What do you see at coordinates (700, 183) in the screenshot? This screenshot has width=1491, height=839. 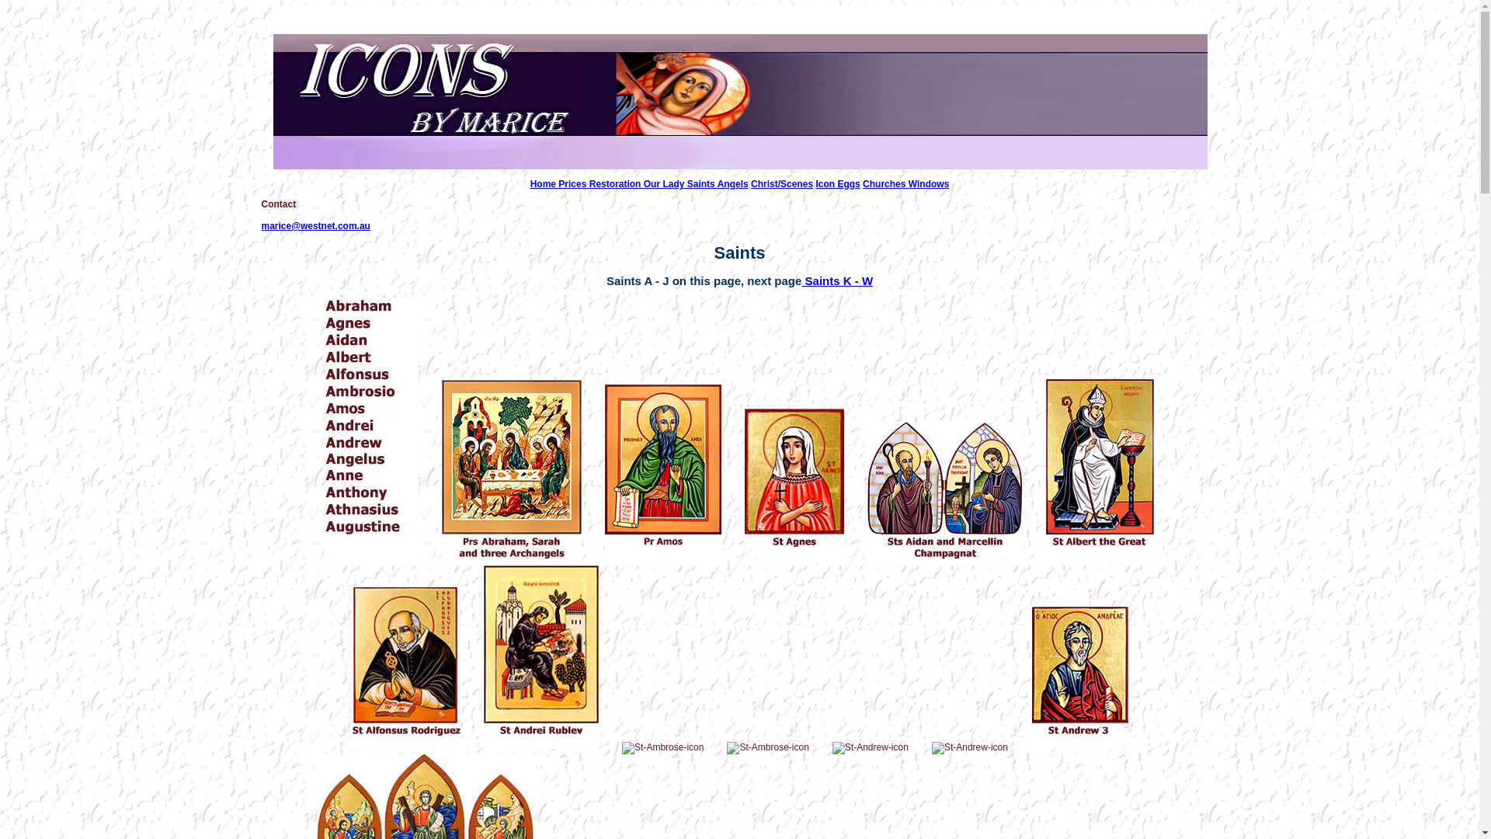 I see `'Saints'` at bounding box center [700, 183].